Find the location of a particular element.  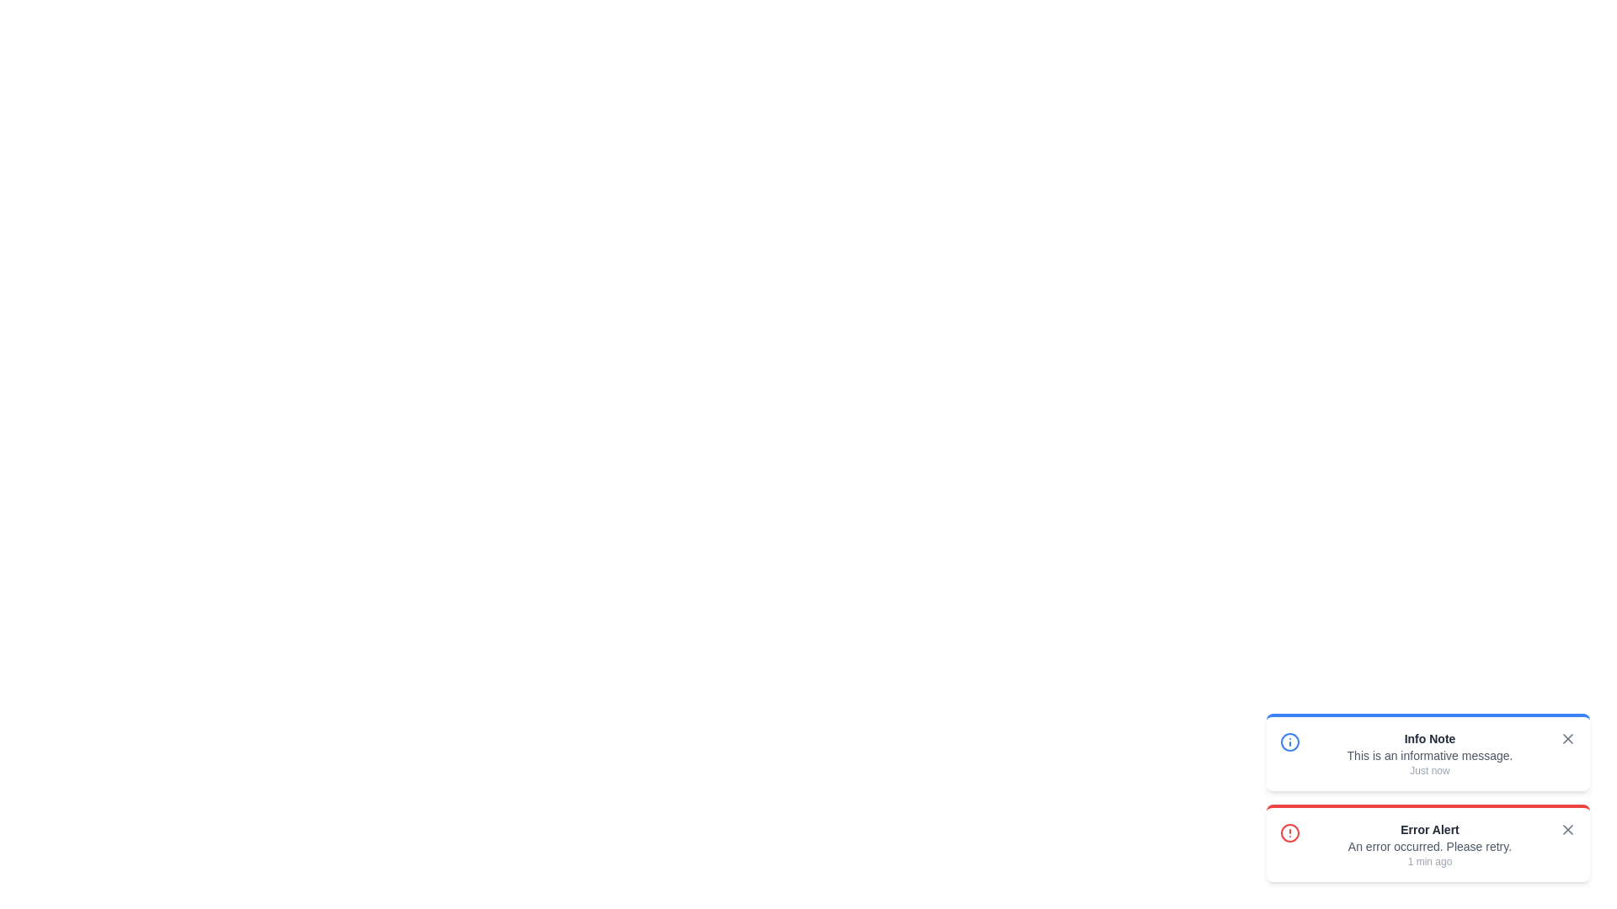

the dismiss button to remove the notification is located at coordinates (1567, 738).